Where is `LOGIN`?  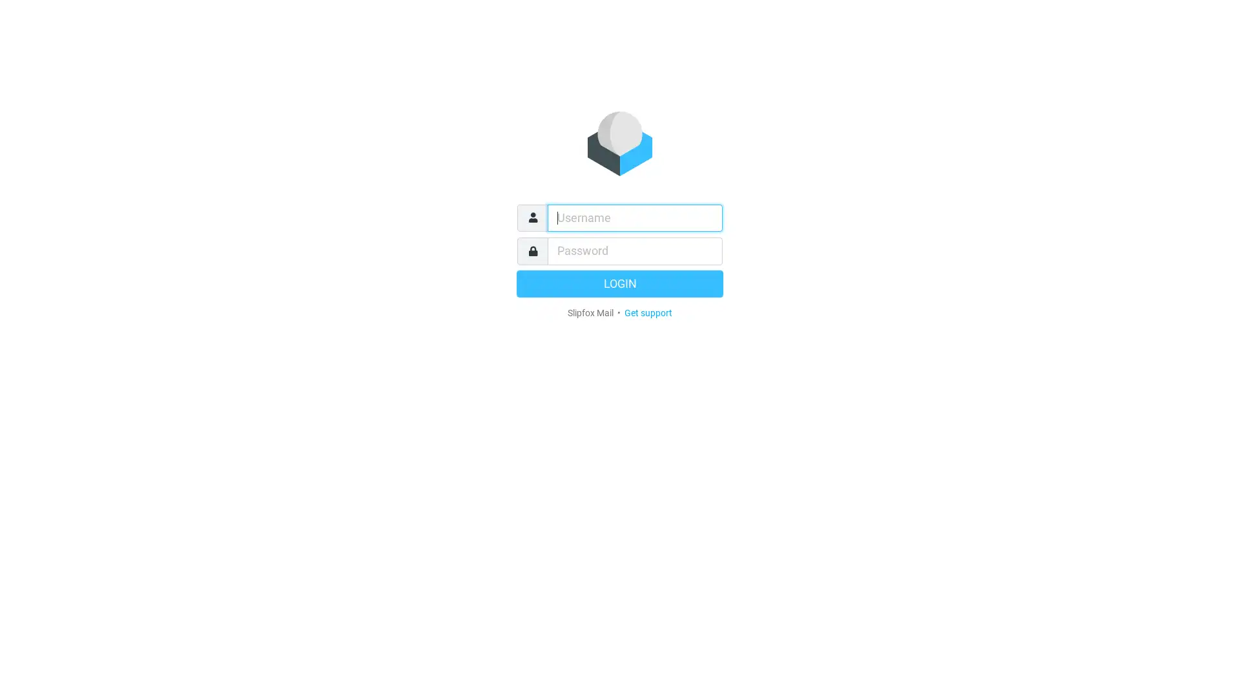 LOGIN is located at coordinates (620, 283).